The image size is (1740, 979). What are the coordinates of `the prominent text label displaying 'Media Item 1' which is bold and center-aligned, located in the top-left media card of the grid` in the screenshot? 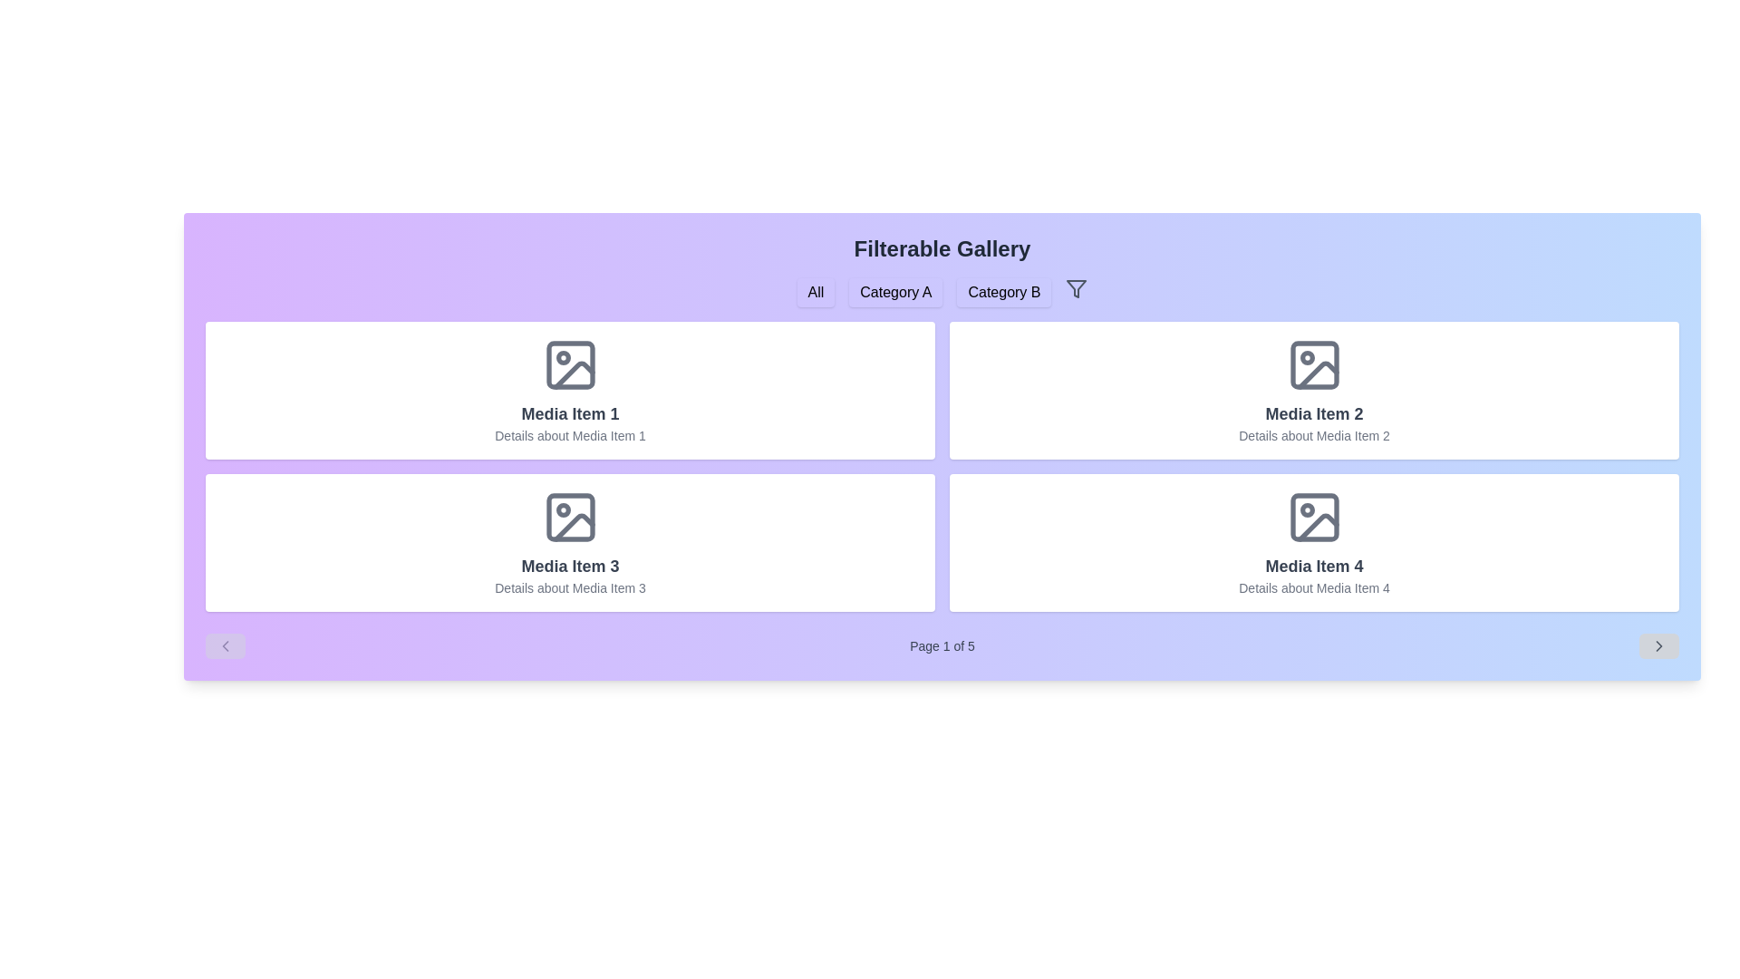 It's located at (569, 413).